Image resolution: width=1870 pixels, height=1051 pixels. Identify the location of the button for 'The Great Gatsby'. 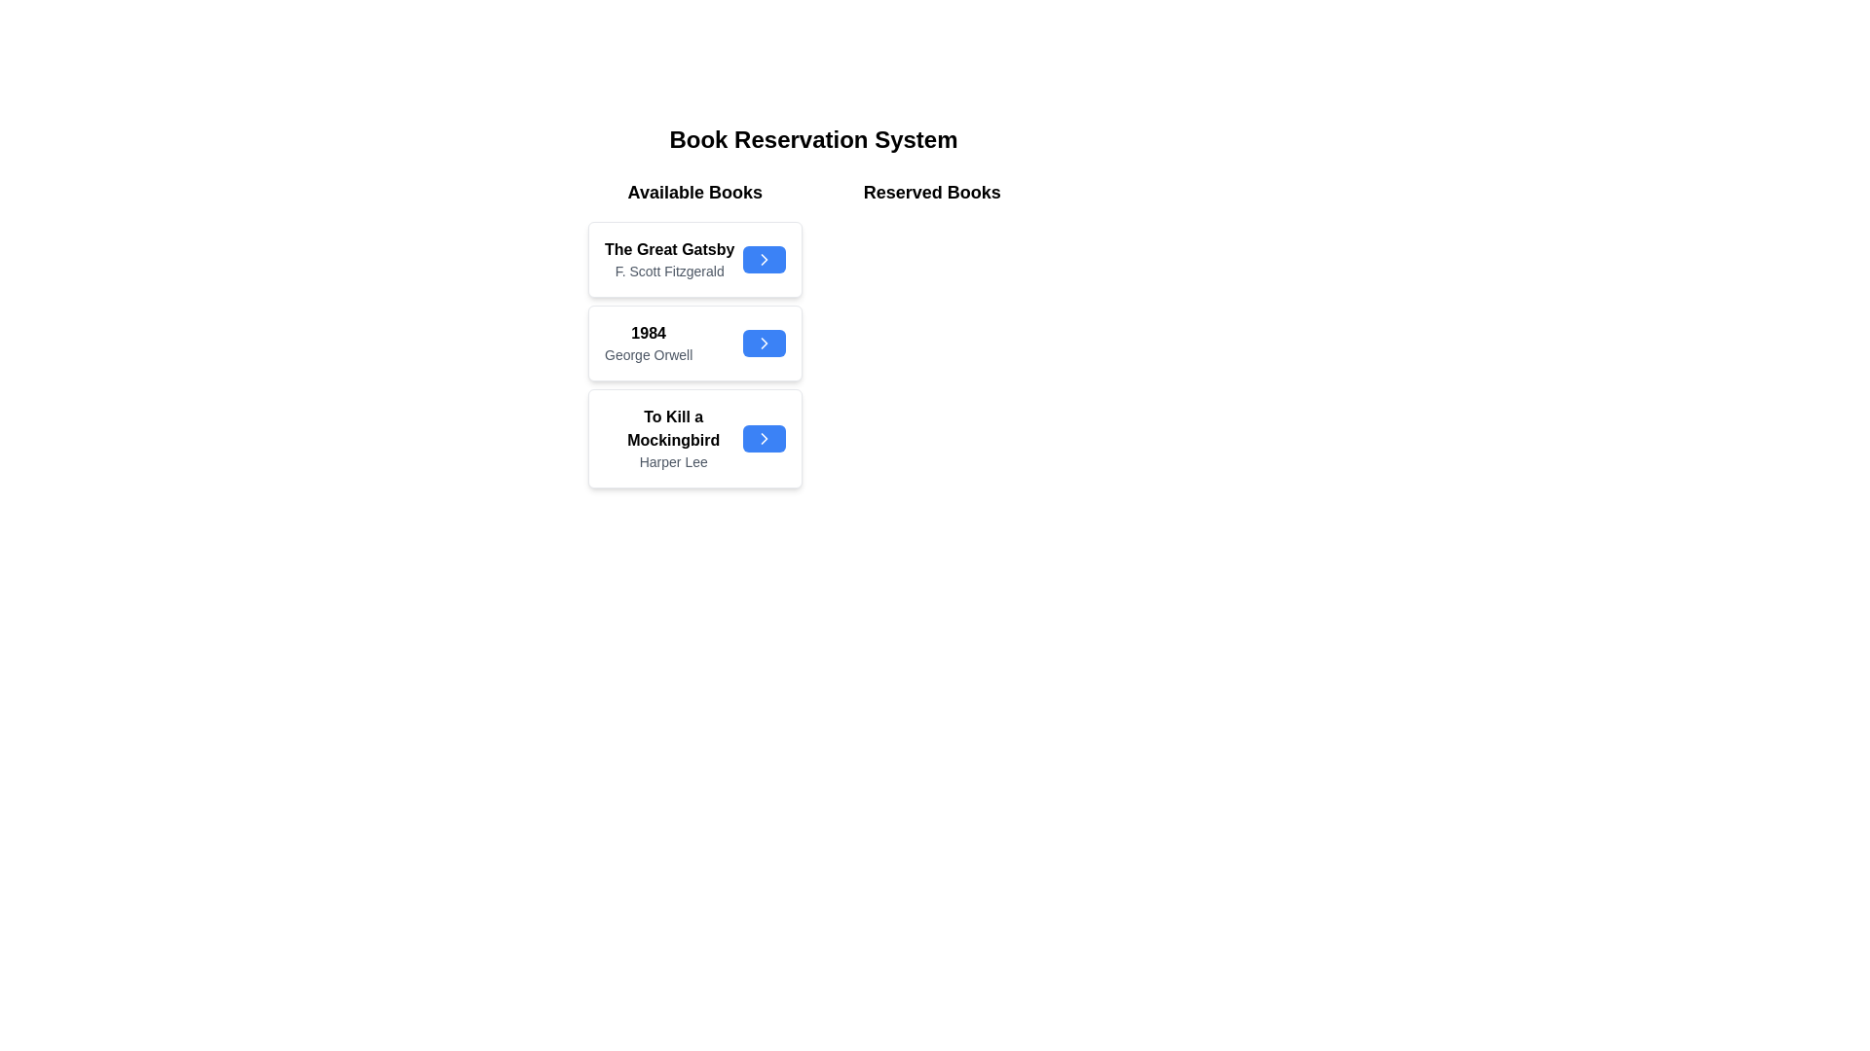
(763, 258).